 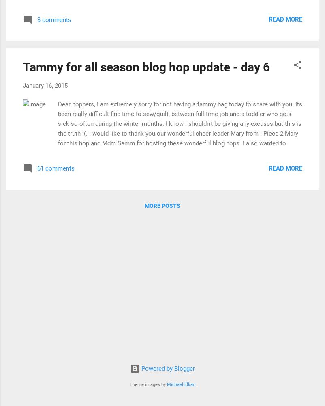 What do you see at coordinates (180, 153) in the screenshot?
I see `'Dear hoppers, I am extremely sorry for not having a tammy bag today to share with you. Its been really difficult find time to sew/quilt, between full-time job and a toddler who gets sick so often during the winter months. I know I shouldn't be giving any excuses but this is the truth :(.   I would like to thank you our wonderful cheer leader Mary from I Piece 2-Mary  for this hop and Mdm Samm for hosting these wonderful blog hops.   I also wanted to thank Brooke Nolan  and  Cori Blunt  for creating wonderful patterns for the hop.       Today's schedule.   January 16, 2015      Kwilt Krazy   Selina Quilts   Hill Valley Quilter Lakeshore Stitches Malini's Quilting Adventure (You're HERE)   Julia Plunkett will post on  Sewwequilt      I would like to make it up to you and by giving away this beautiful FQ bundle from Art Gallery Fabrics Geometric Bliss Collection by Jeni Baker .      Geometric Bliss FQ bundle - 20 prints   All you have do is visit the other hoppers for toda'` at bounding box center [180, 153].